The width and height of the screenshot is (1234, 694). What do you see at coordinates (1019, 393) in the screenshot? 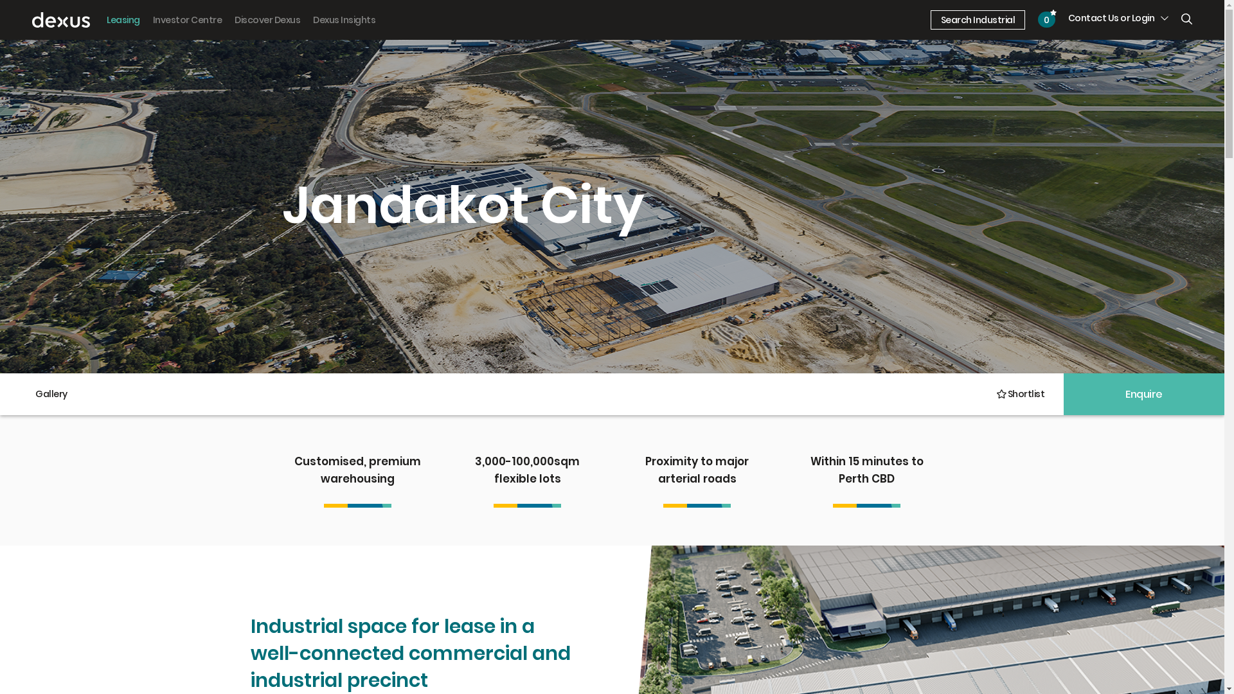
I see `'Shortlist'` at bounding box center [1019, 393].